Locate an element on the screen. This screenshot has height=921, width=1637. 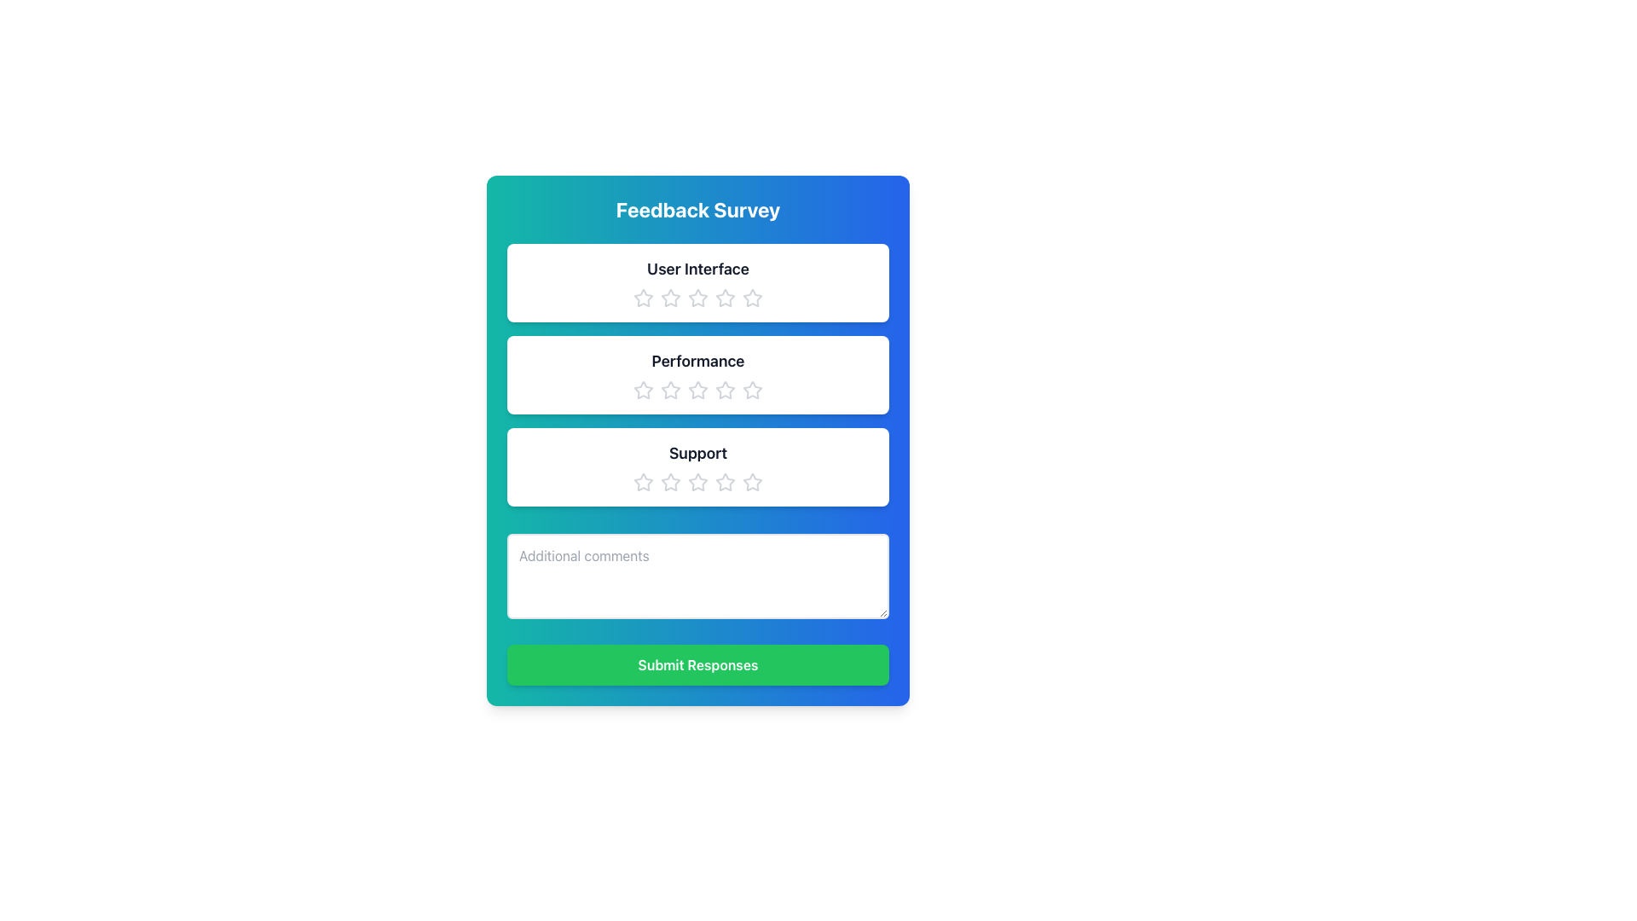
the star rating icons in the 'Support' feedback card is located at coordinates (698, 466).